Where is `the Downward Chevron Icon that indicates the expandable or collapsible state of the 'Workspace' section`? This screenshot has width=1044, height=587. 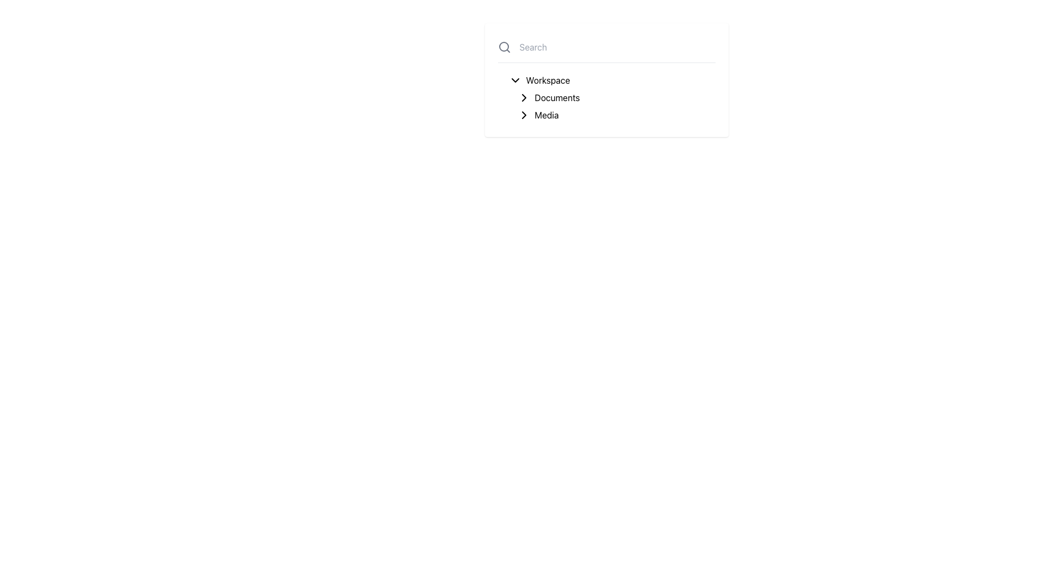 the Downward Chevron Icon that indicates the expandable or collapsible state of the 'Workspace' section is located at coordinates (514, 79).